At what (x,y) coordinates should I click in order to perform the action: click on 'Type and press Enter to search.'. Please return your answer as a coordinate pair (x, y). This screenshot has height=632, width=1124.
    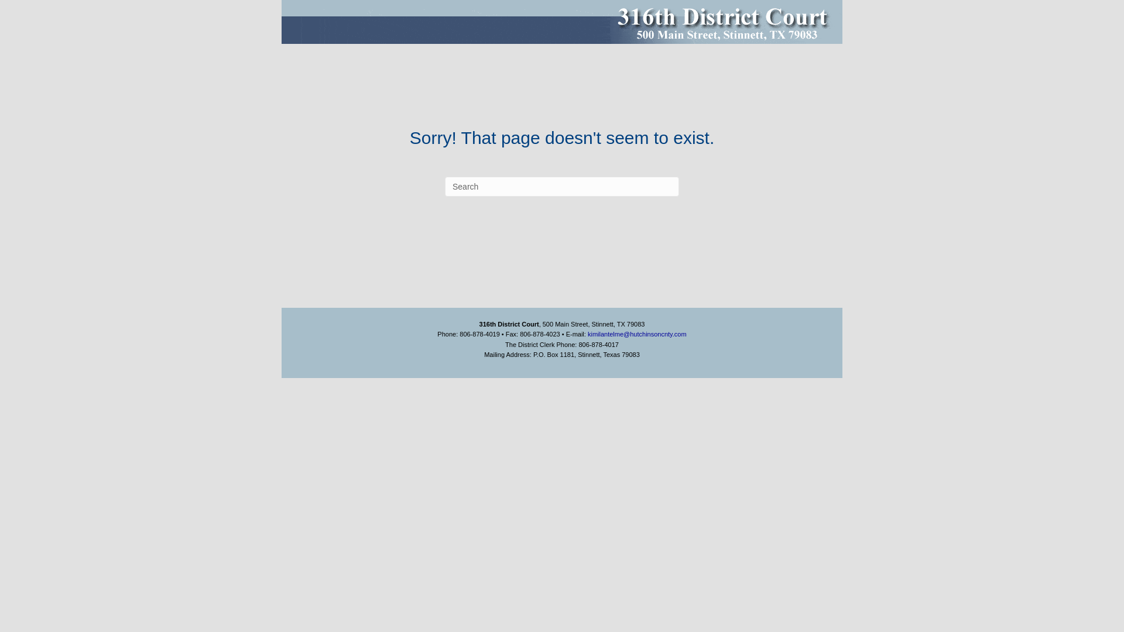
    Looking at the image, I should click on (562, 186).